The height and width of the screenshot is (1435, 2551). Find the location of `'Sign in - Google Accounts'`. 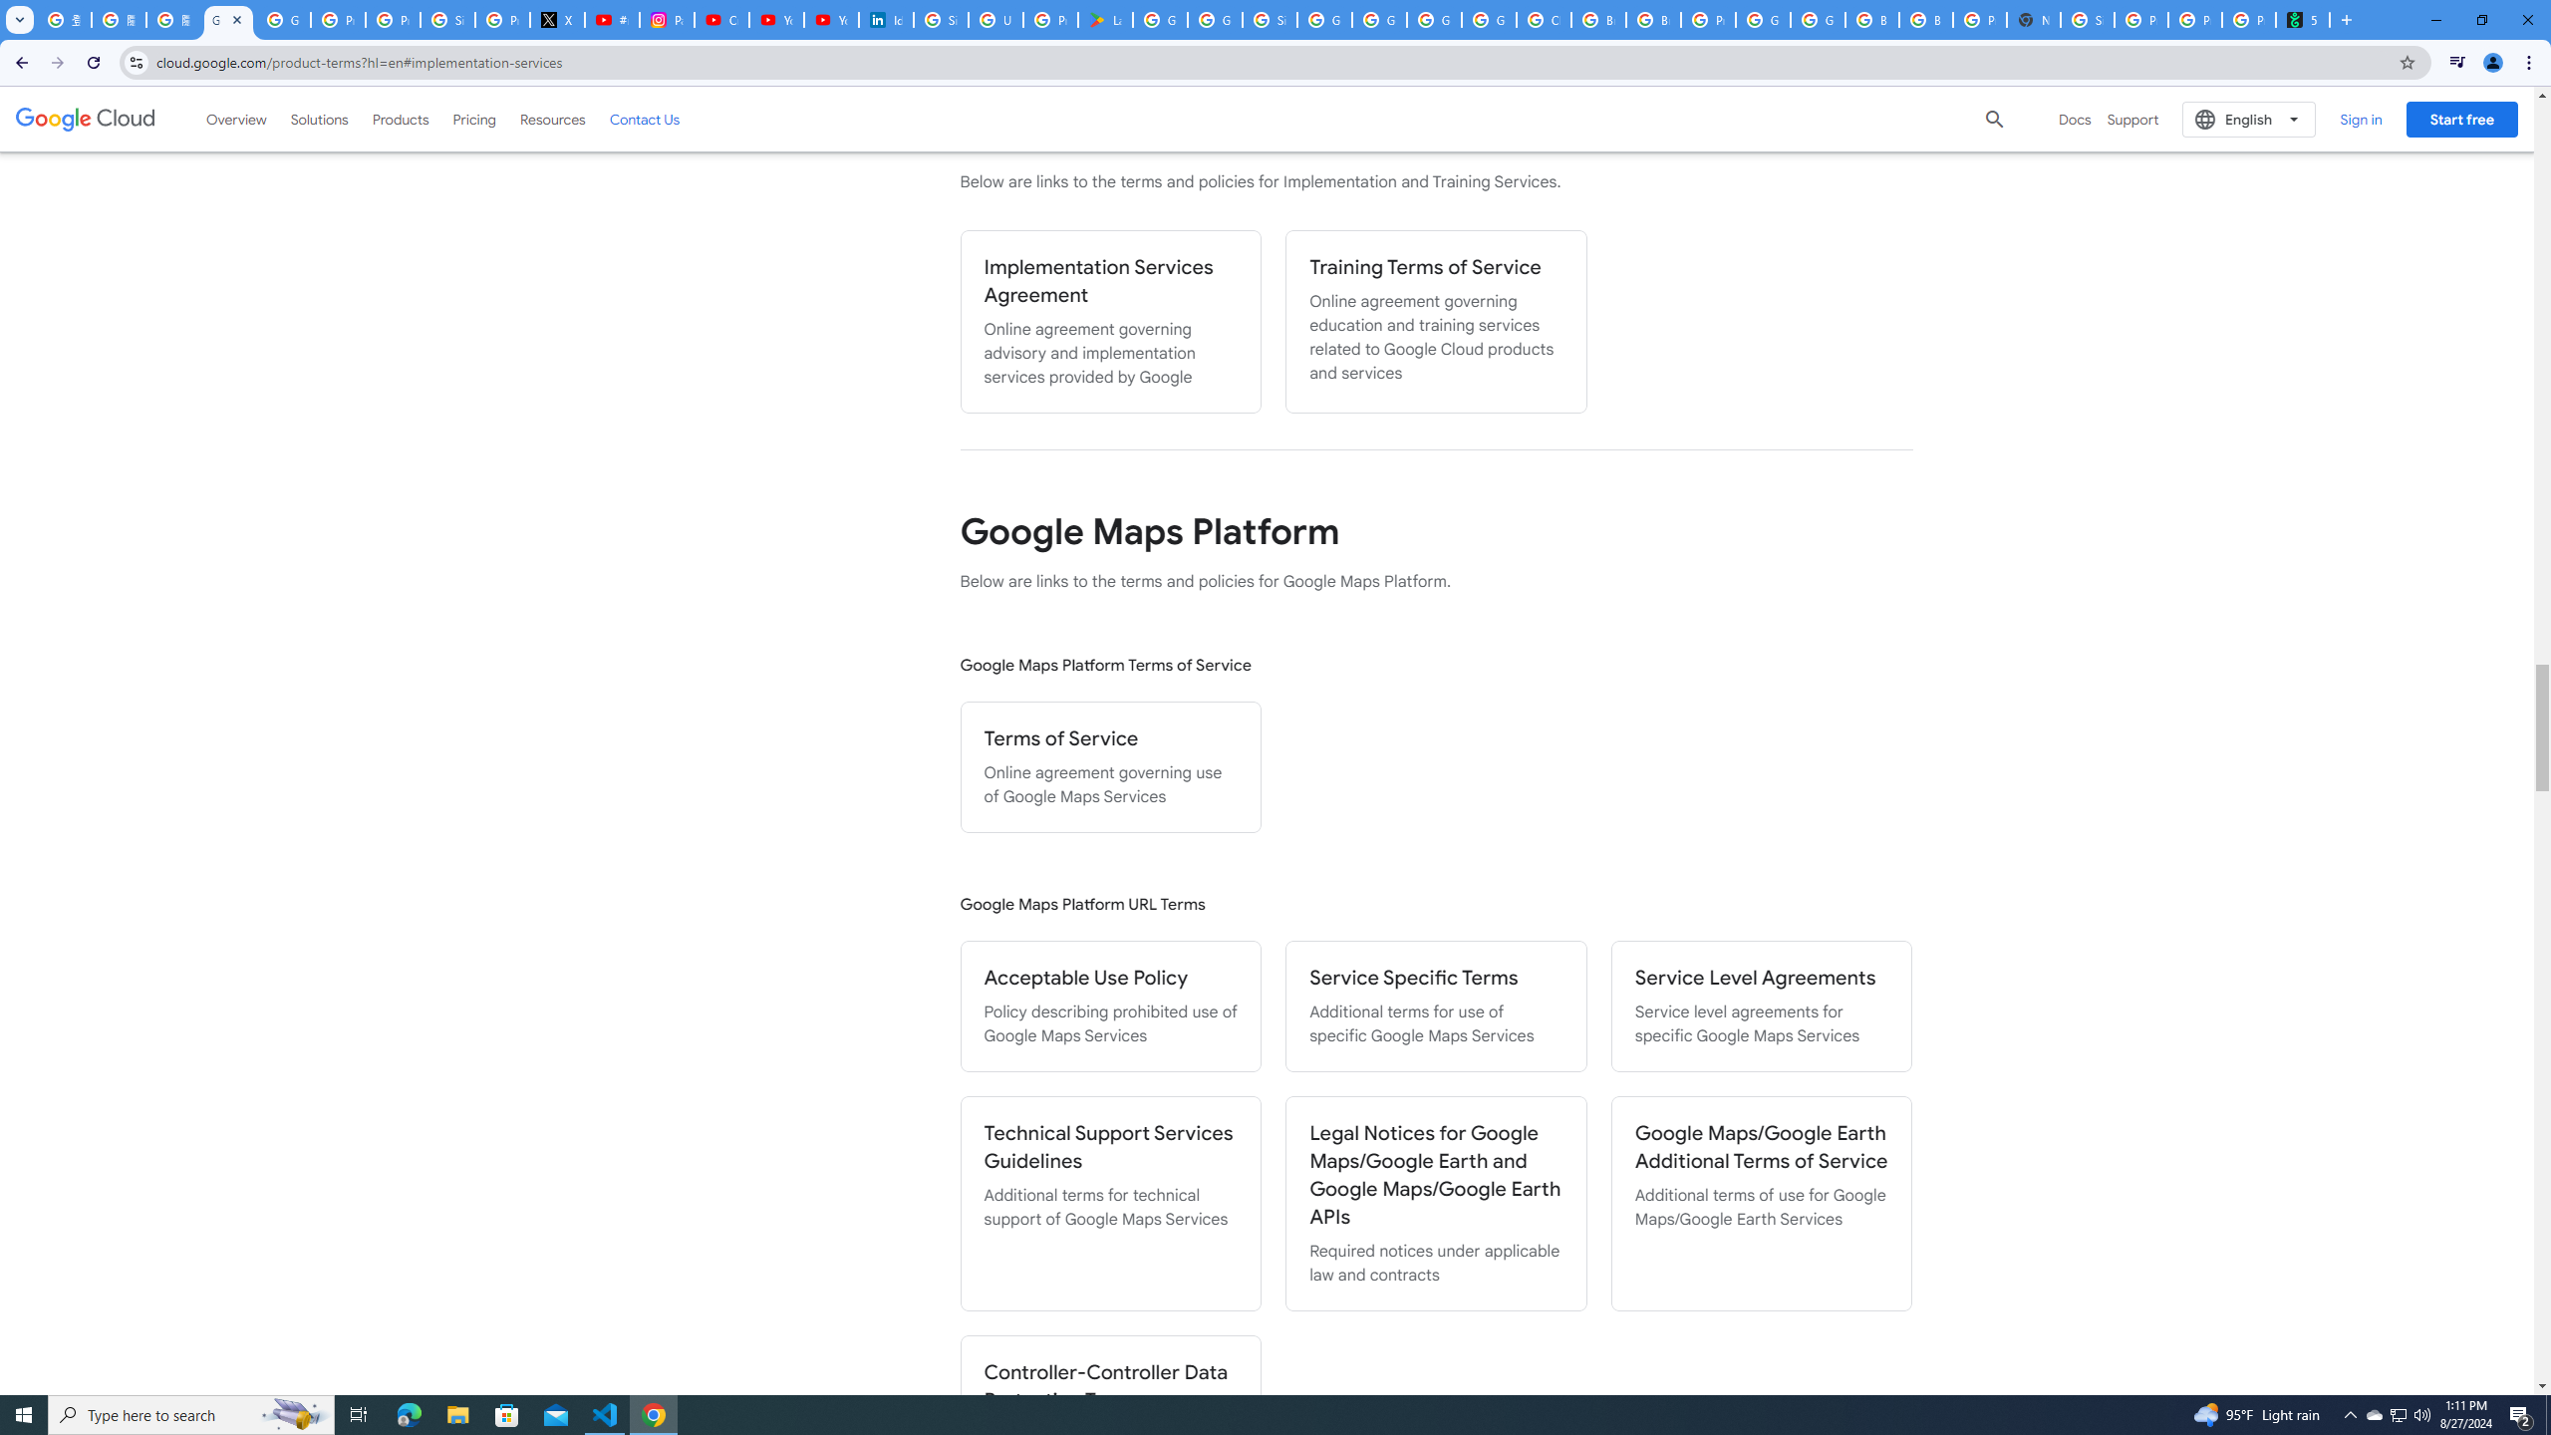

'Sign in - Google Accounts' is located at coordinates (940, 19).